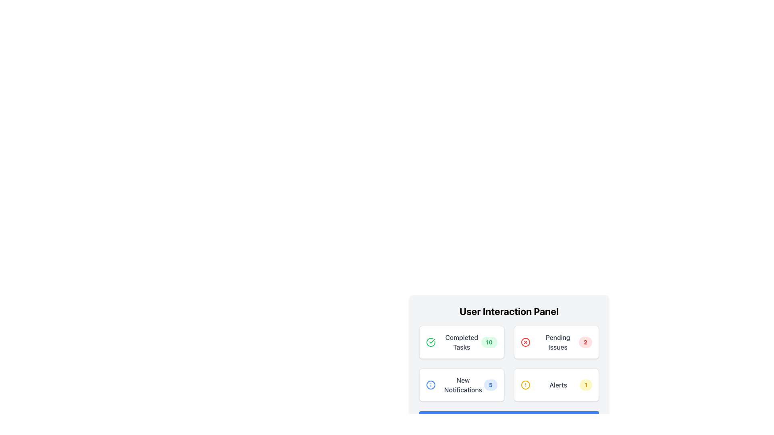 This screenshot has height=435, width=774. Describe the element at coordinates (489, 342) in the screenshot. I see `the green badge displaying the number '10' in the 'Completed Tasks' section of the 'User Interaction Panel'` at that location.